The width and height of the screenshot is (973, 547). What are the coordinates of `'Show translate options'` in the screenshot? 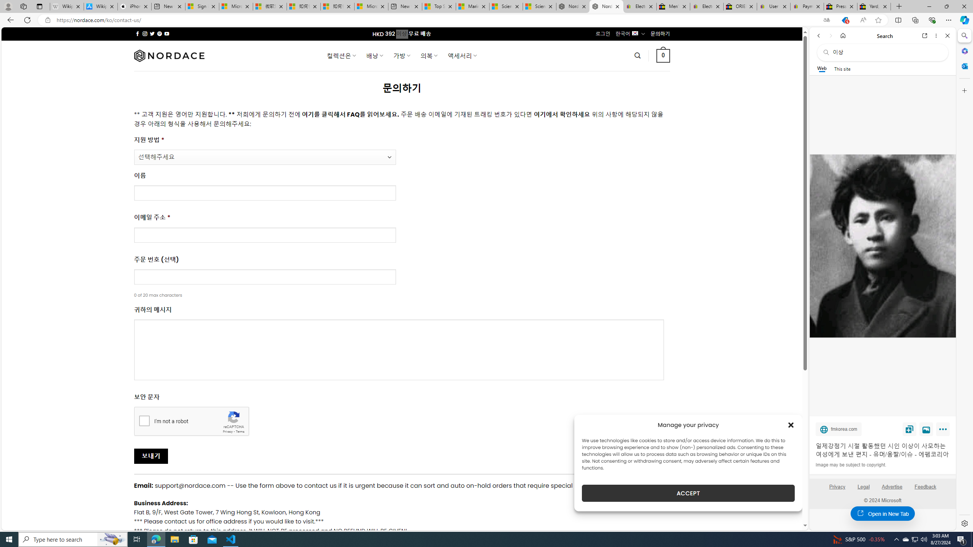 It's located at (826, 20).